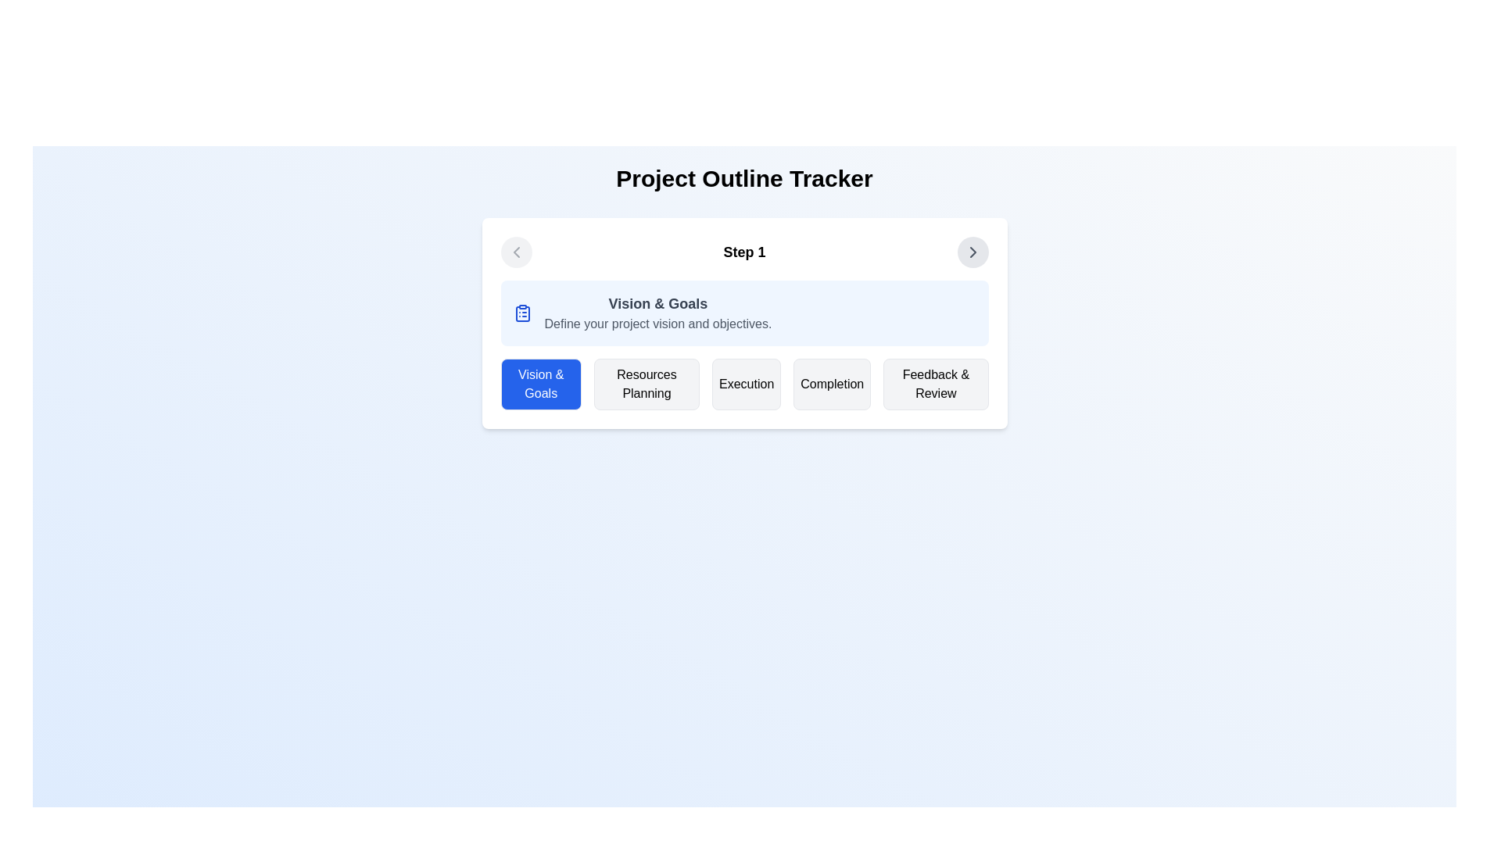 The image size is (1501, 844). I want to click on the static text label that indicates the current step in a multi-step process, centrally located above a section header and content panel, so click(743, 252).